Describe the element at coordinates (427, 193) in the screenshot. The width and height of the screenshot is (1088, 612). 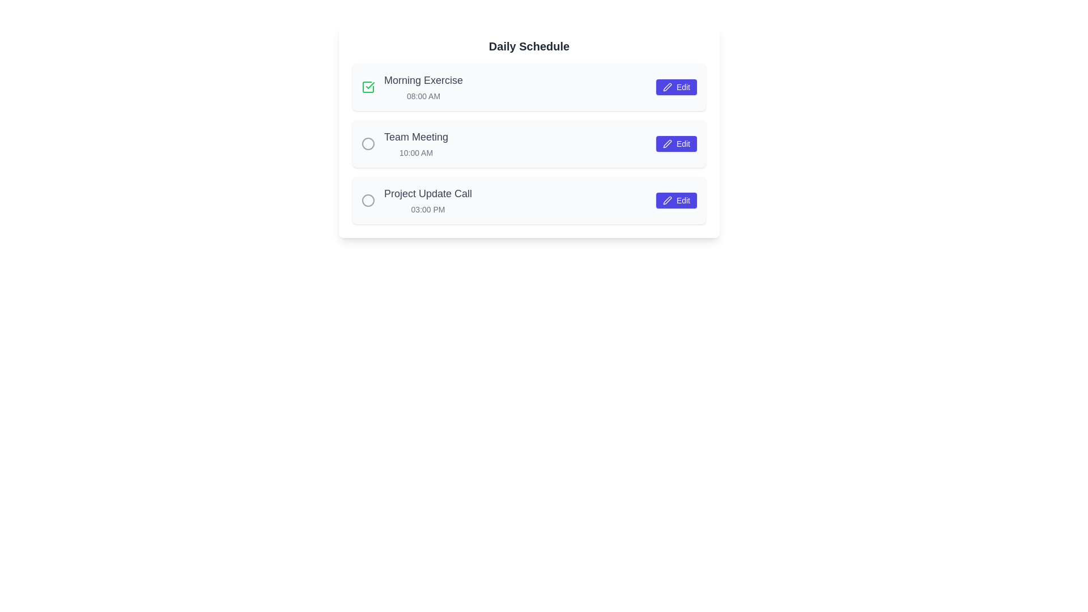
I see `text label displaying 'Project Update Call' which identifies the scheduled task in the list` at that location.